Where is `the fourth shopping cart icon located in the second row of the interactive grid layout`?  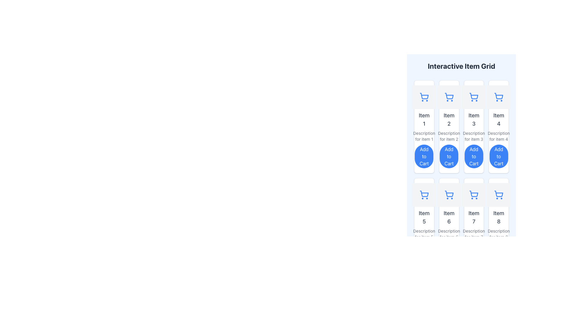
the fourth shopping cart icon located in the second row of the interactive grid layout is located at coordinates (499, 195).